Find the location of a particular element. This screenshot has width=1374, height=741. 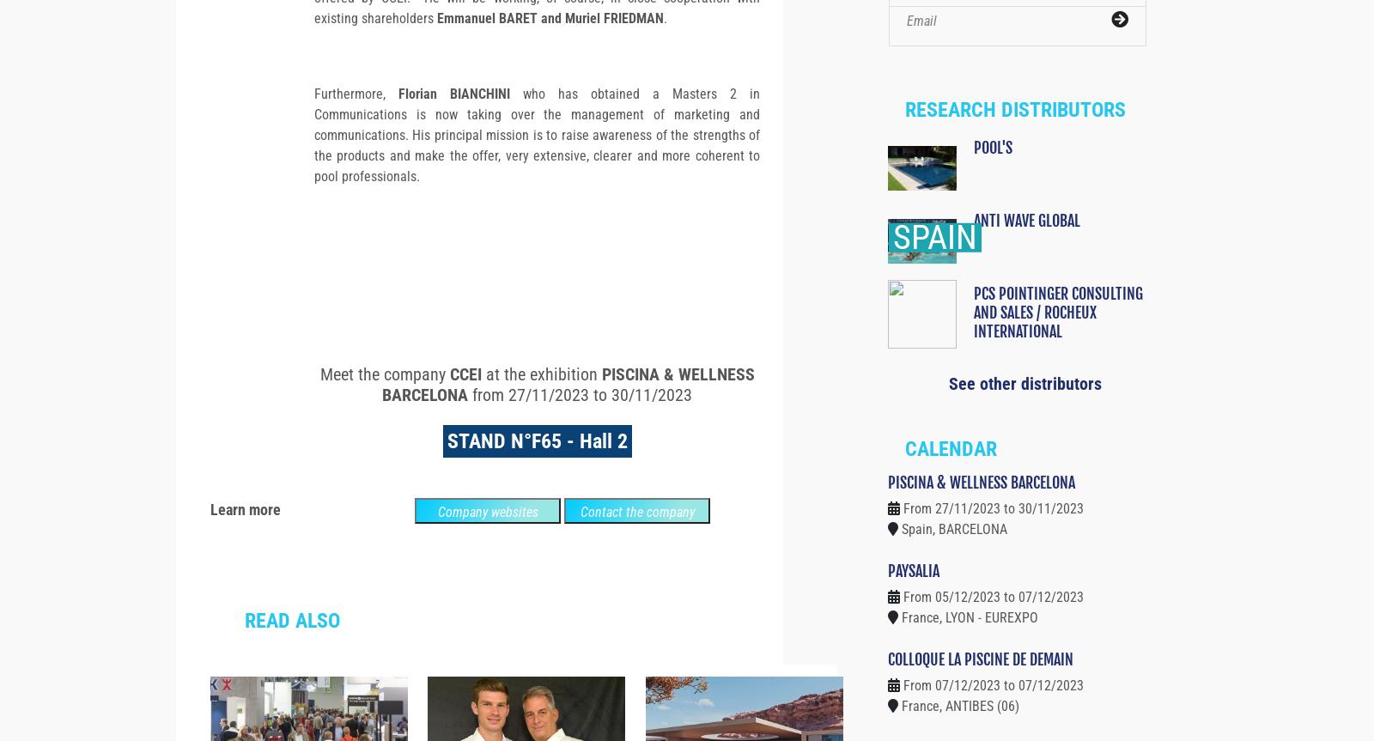

'.' is located at coordinates (666, 49).